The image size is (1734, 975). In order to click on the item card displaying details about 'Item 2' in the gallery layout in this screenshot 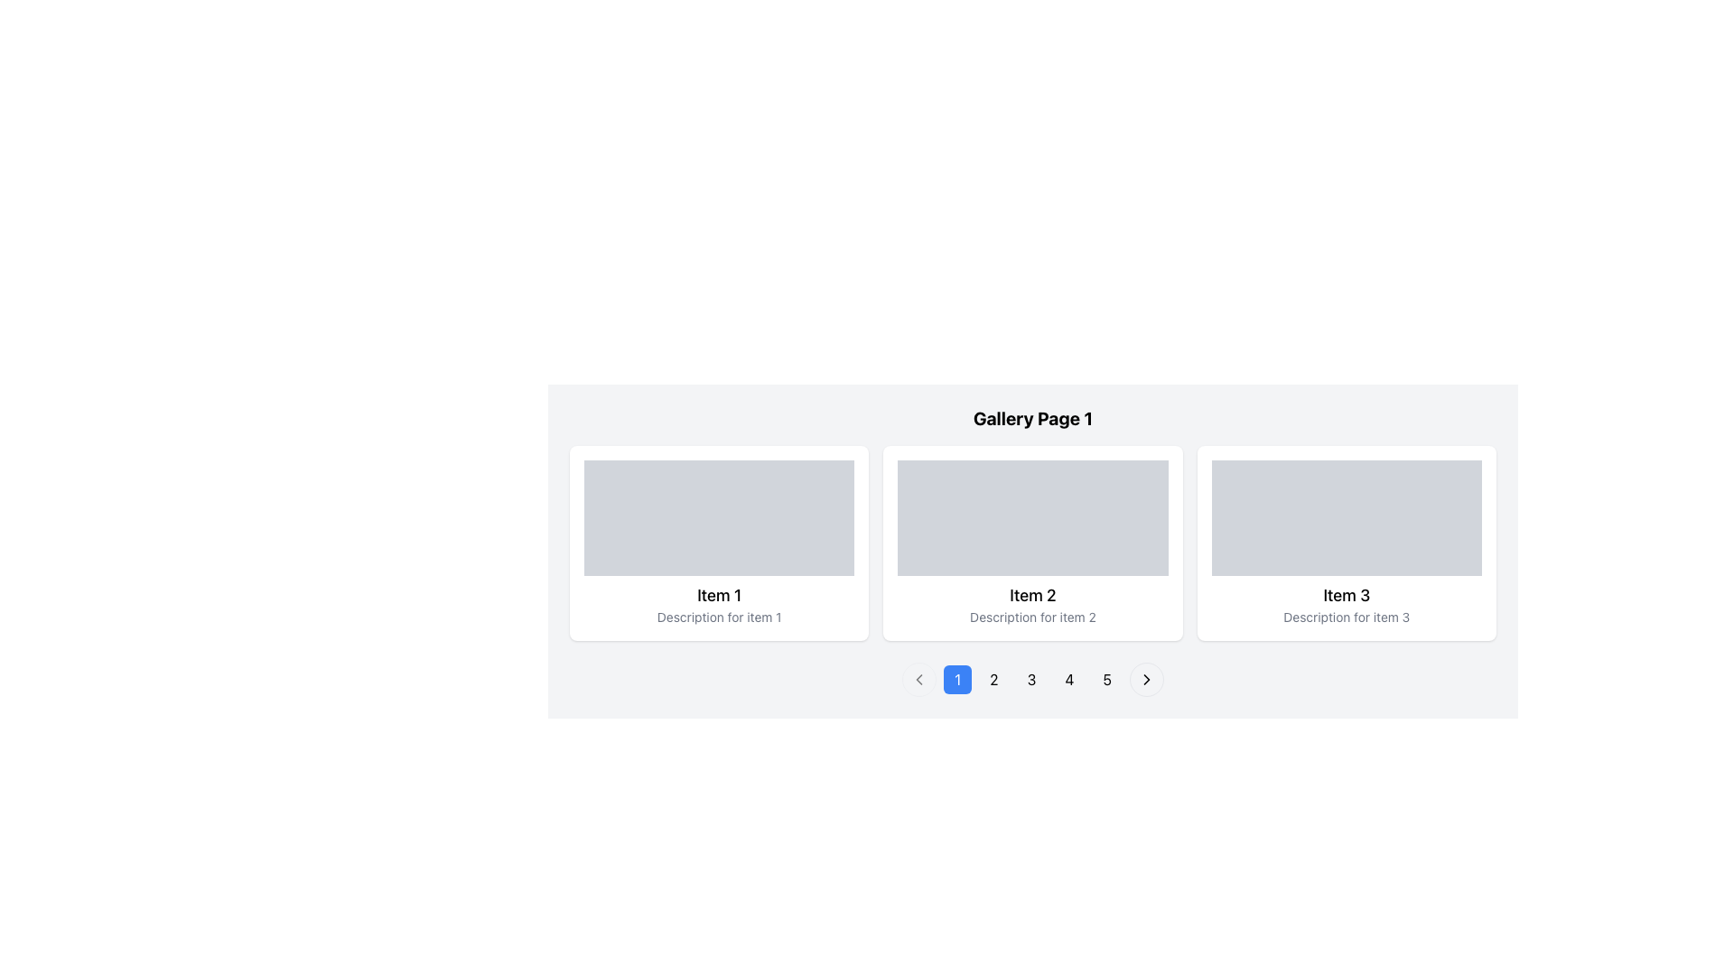, I will do `click(1032, 542)`.